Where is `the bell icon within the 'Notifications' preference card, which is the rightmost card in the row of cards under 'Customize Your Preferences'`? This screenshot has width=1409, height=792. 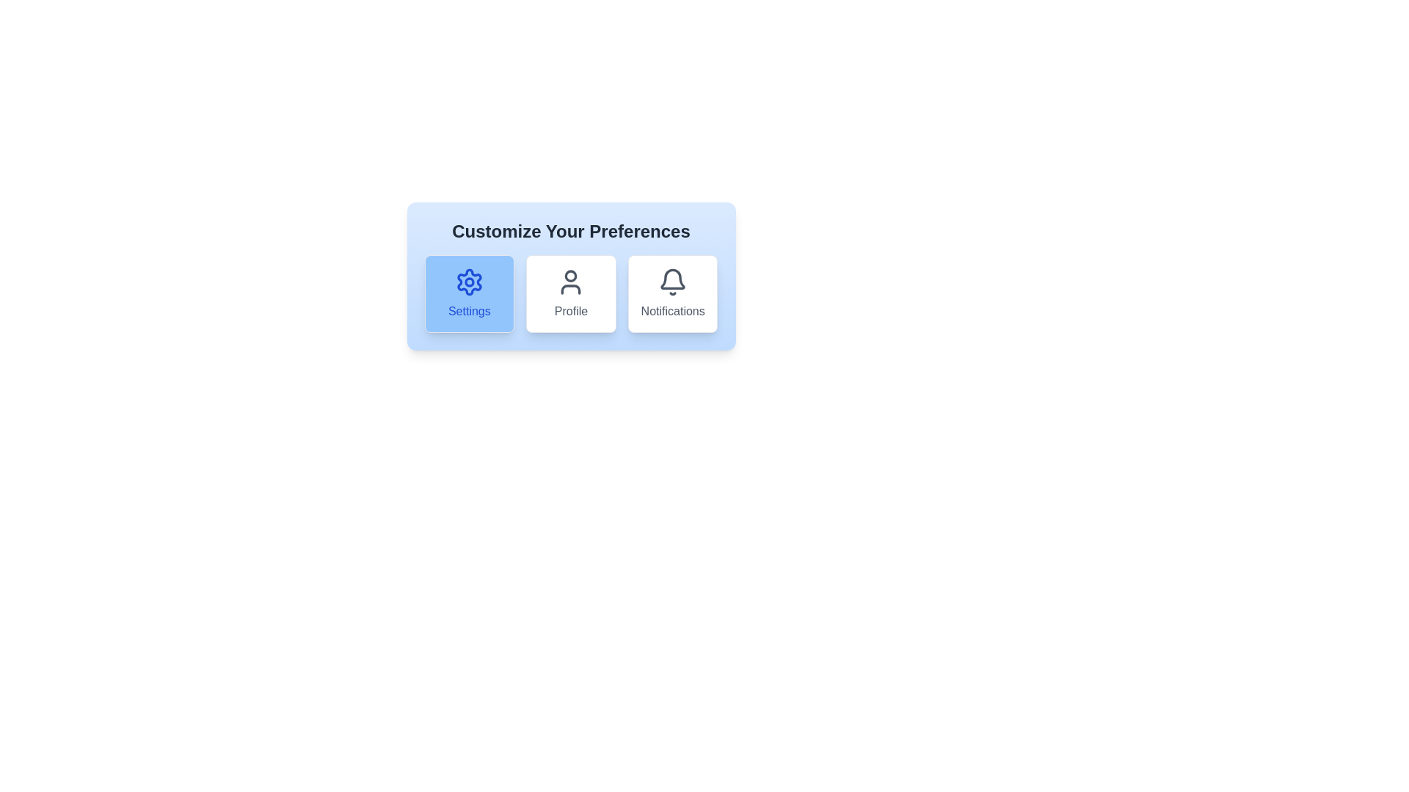 the bell icon within the 'Notifications' preference card, which is the rightmost card in the row of cards under 'Customize Your Preferences' is located at coordinates (672, 282).